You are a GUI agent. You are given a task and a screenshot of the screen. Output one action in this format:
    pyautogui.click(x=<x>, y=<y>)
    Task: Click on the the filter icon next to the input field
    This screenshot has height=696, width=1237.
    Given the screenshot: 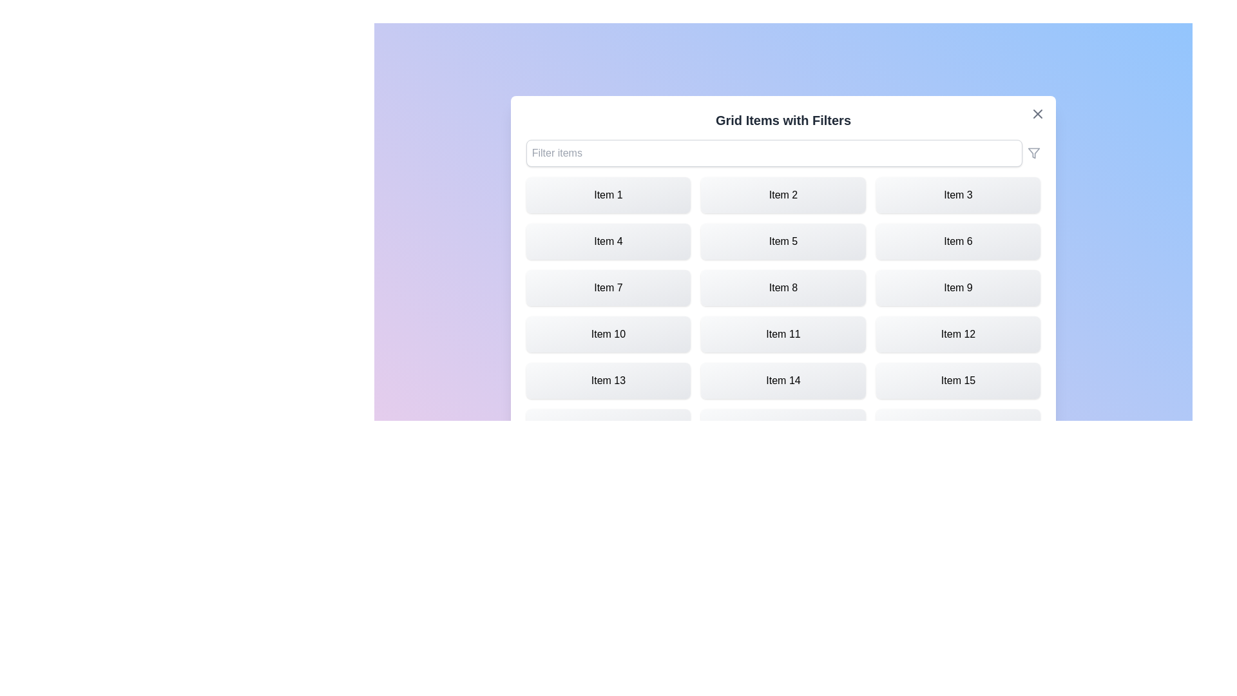 What is the action you would take?
    pyautogui.click(x=1034, y=153)
    